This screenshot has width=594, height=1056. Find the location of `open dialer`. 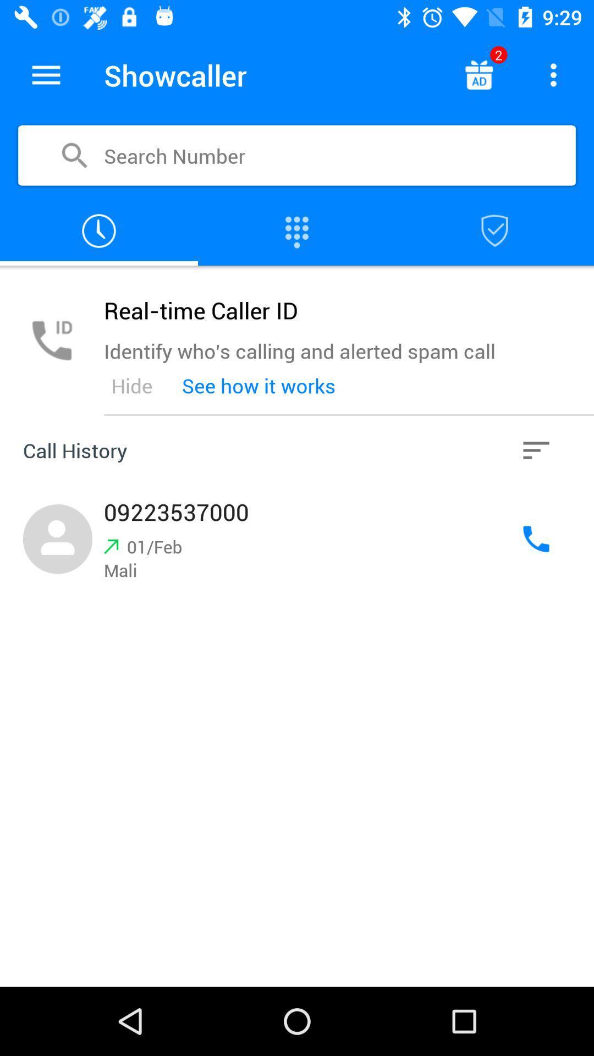

open dialer is located at coordinates (297, 230).